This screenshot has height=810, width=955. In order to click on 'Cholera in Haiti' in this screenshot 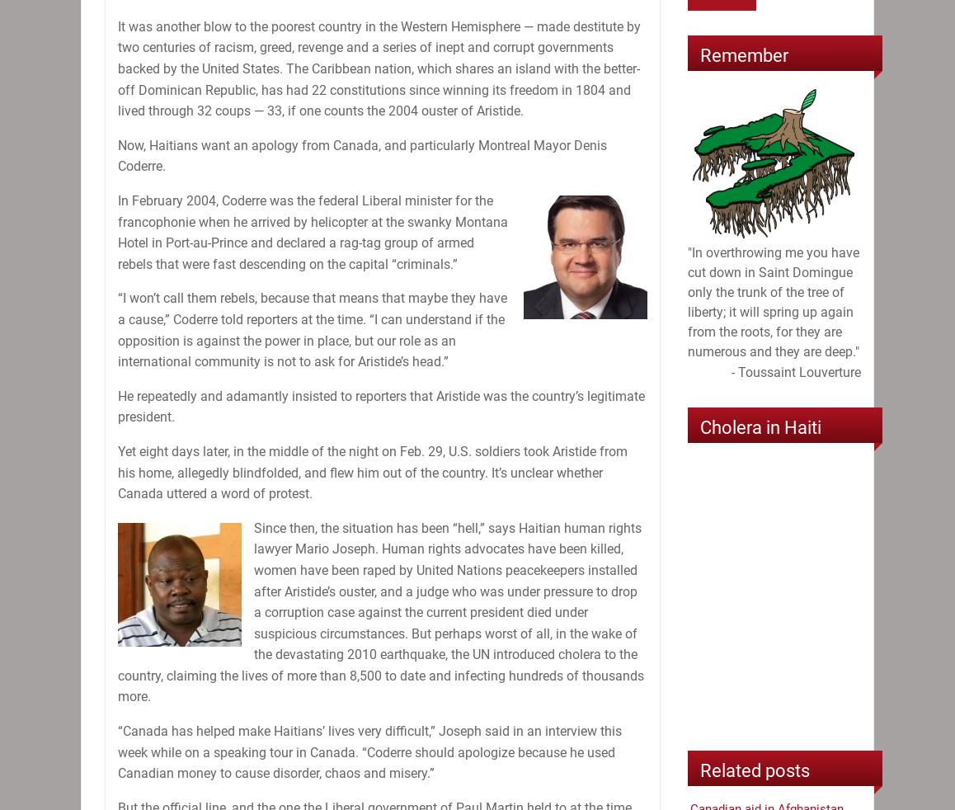, I will do `click(760, 426)`.